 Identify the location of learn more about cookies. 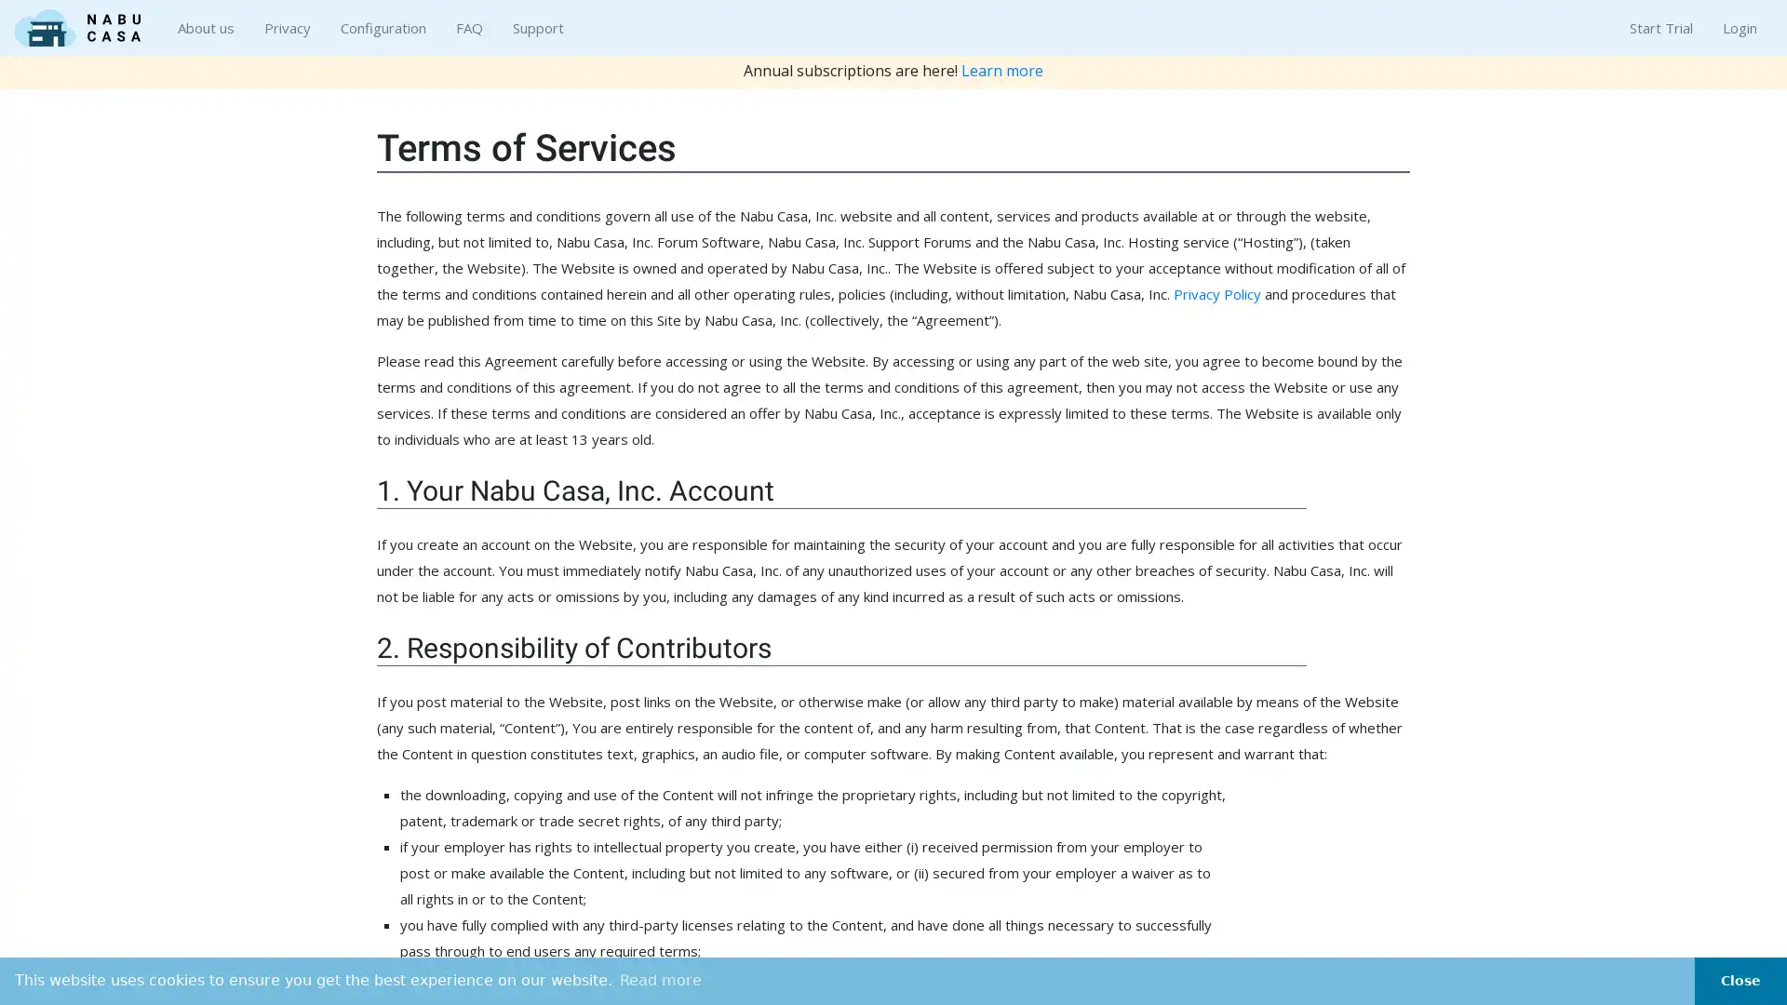
(661, 979).